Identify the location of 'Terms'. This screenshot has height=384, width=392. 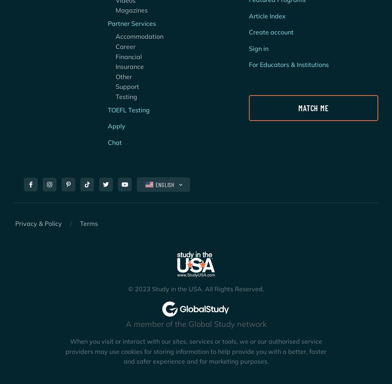
(89, 224).